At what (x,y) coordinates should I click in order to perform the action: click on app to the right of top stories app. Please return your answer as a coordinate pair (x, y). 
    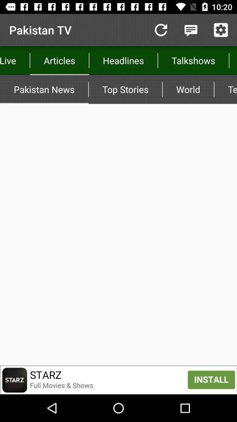
    Looking at the image, I should click on (187, 89).